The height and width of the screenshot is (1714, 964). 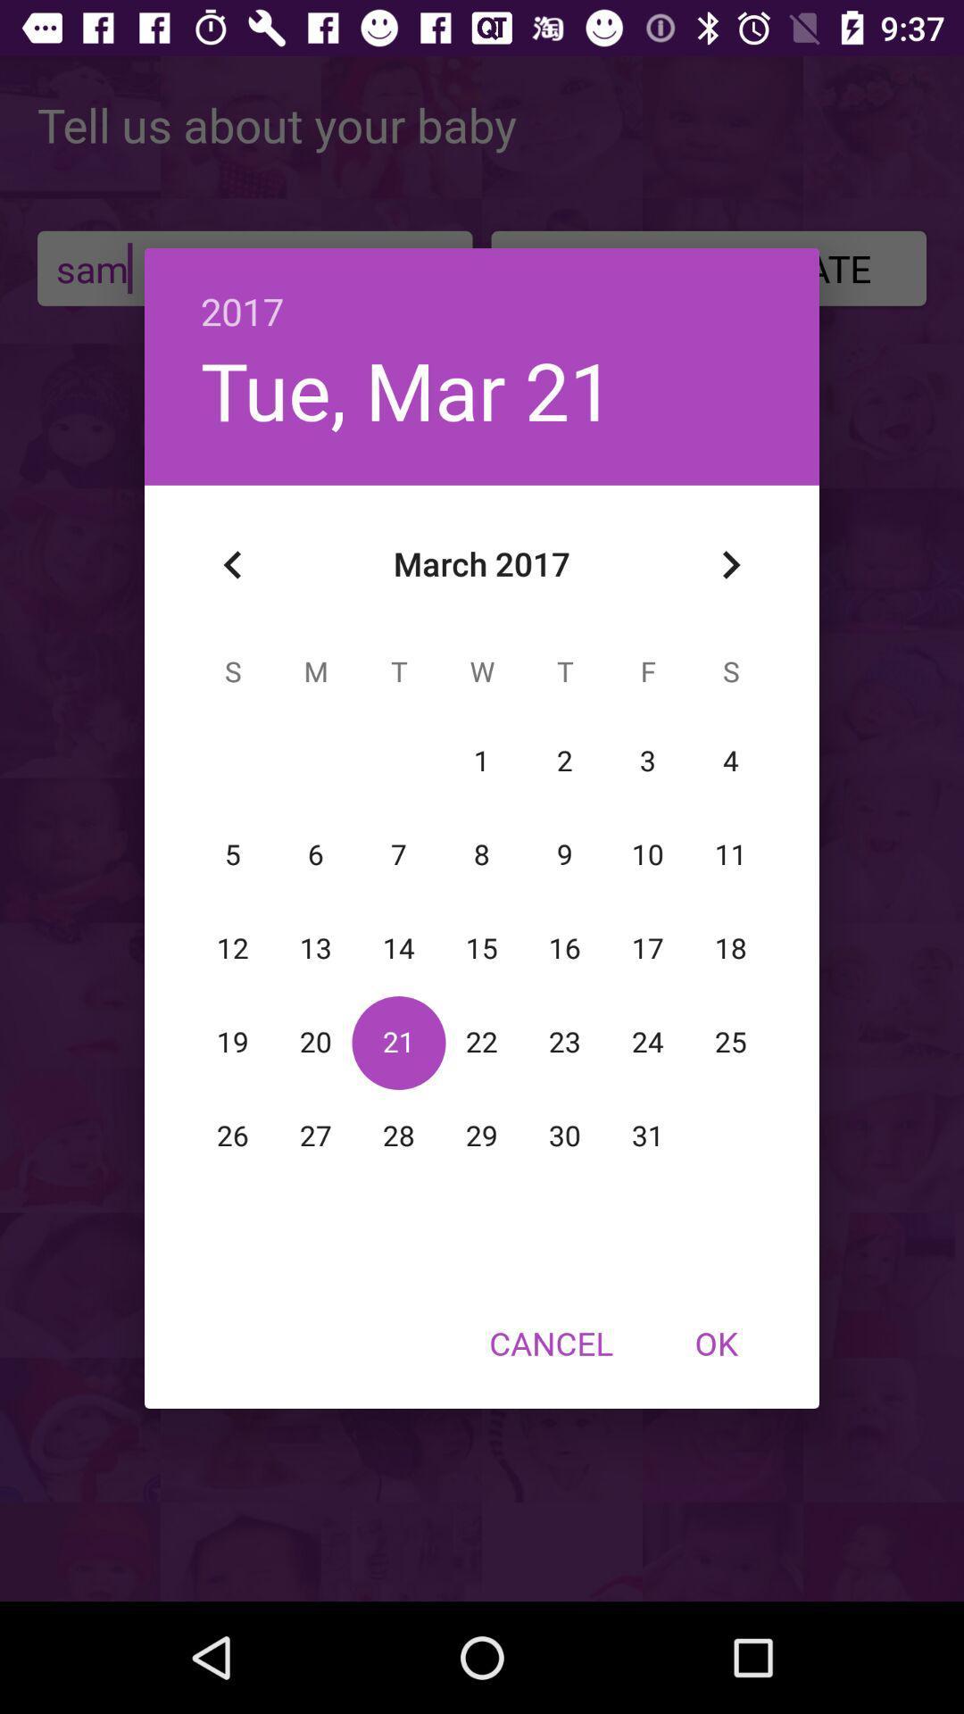 I want to click on the item below the 2017 item, so click(x=730, y=564).